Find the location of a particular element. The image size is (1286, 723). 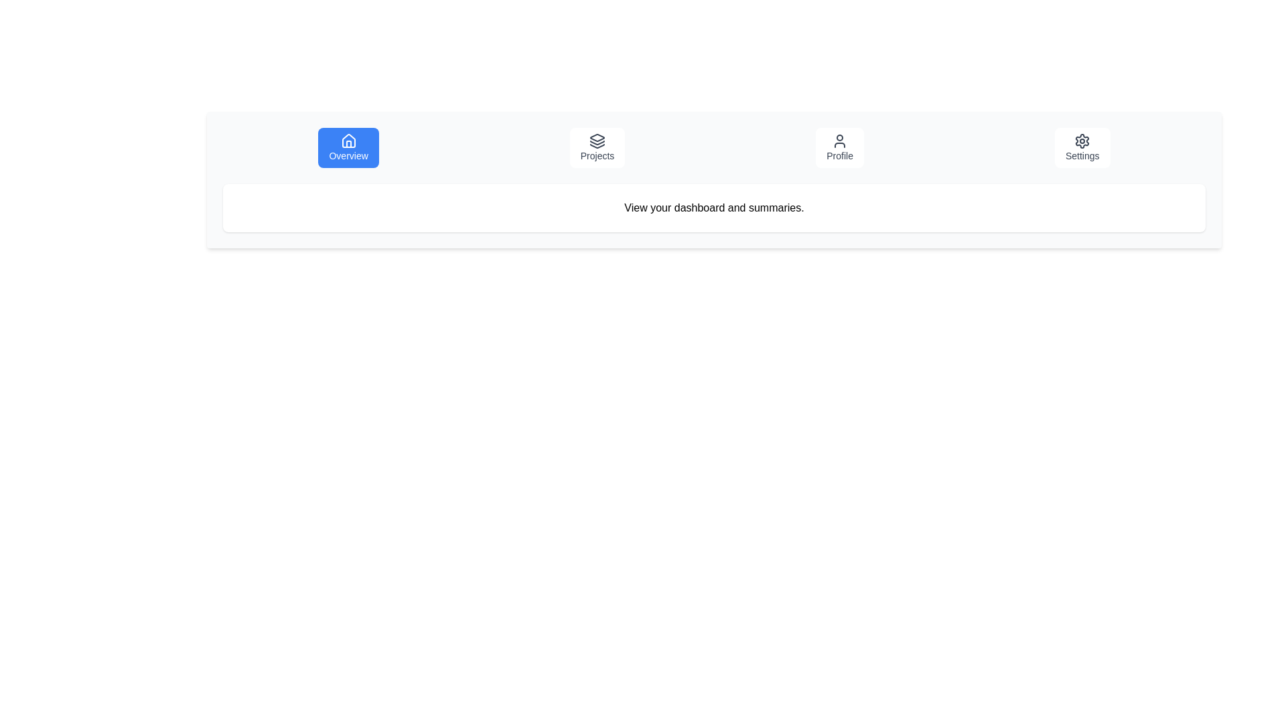

the tab labeled Profile is located at coordinates (839, 147).